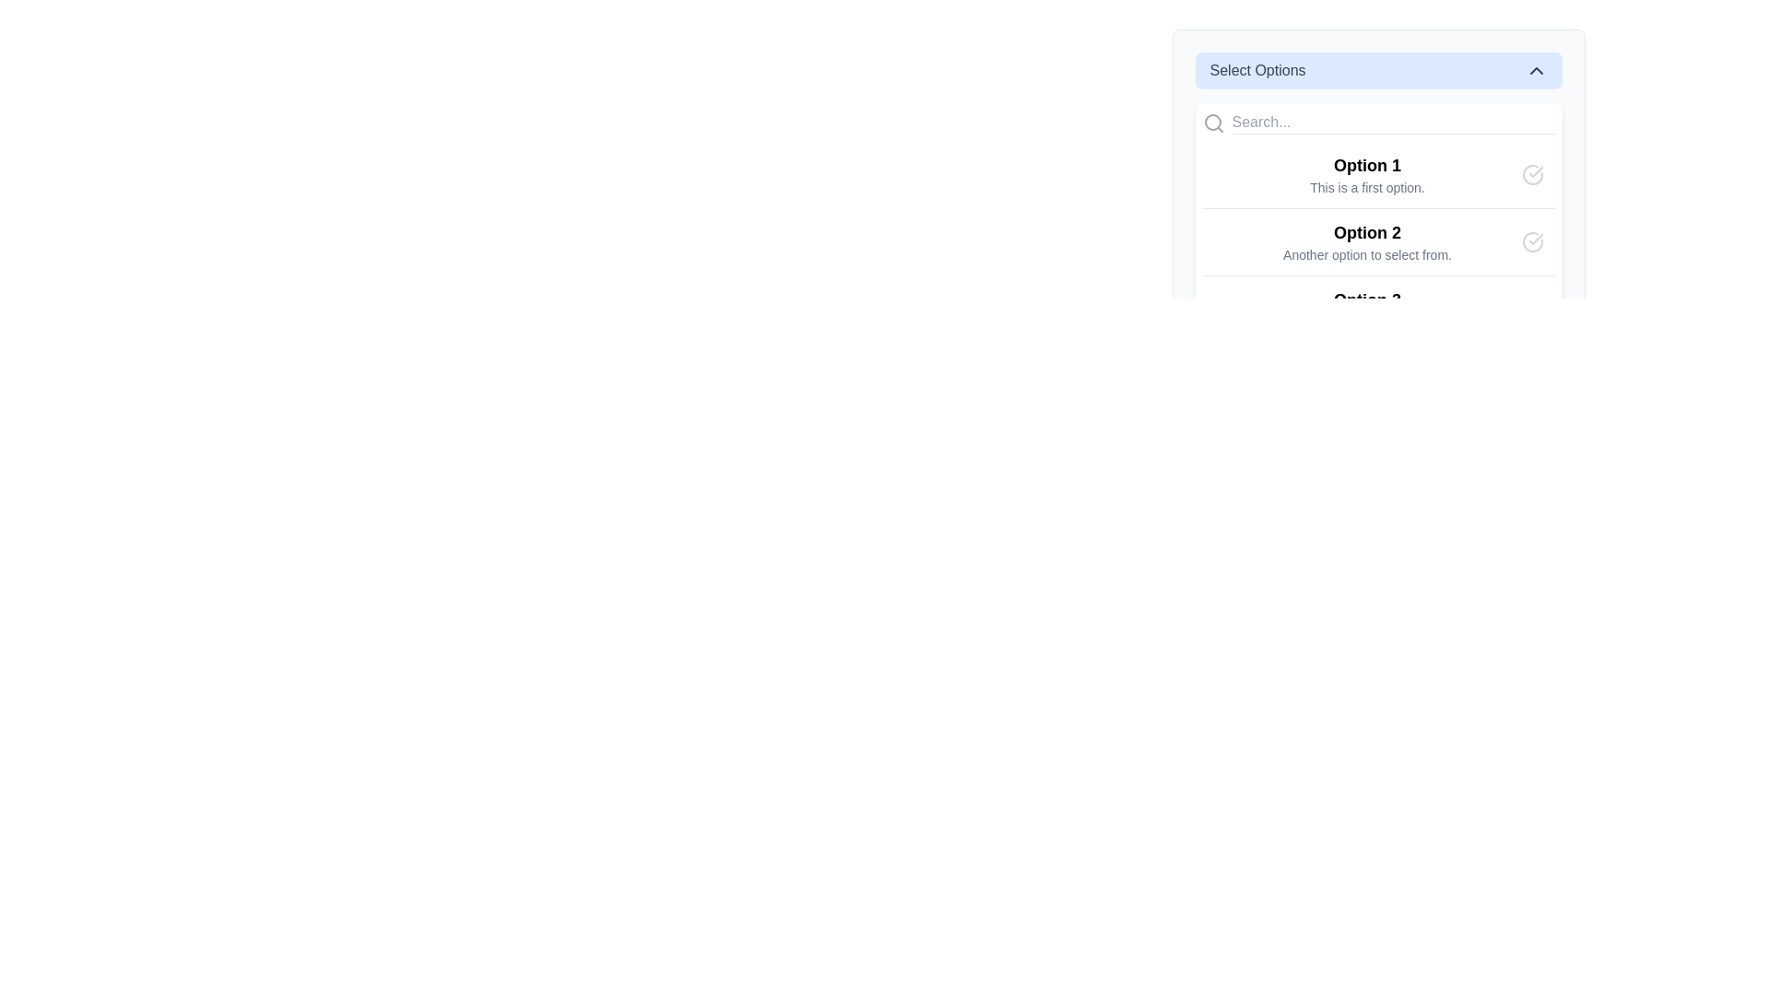 Image resolution: width=1770 pixels, height=995 pixels. What do you see at coordinates (1367, 308) in the screenshot?
I see `the list item displaying 'Option 3' with the description 'A third possible choice.'` at bounding box center [1367, 308].